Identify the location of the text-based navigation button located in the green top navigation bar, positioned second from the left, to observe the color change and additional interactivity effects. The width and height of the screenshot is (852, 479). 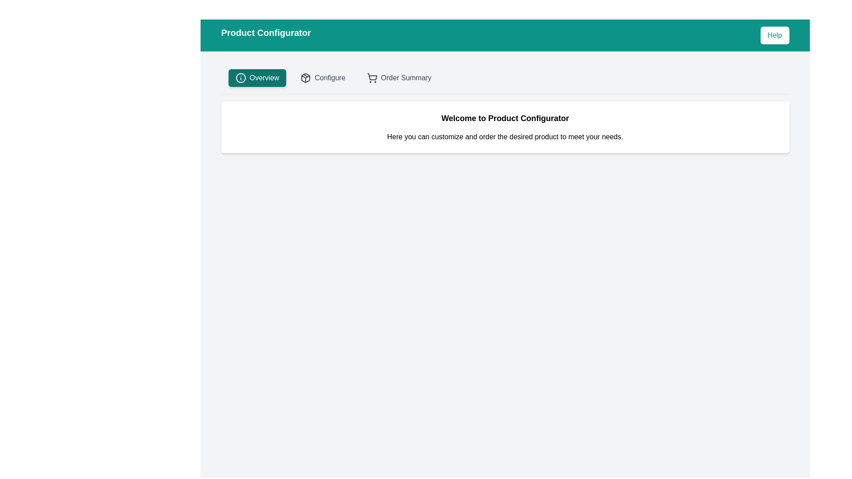
(329, 78).